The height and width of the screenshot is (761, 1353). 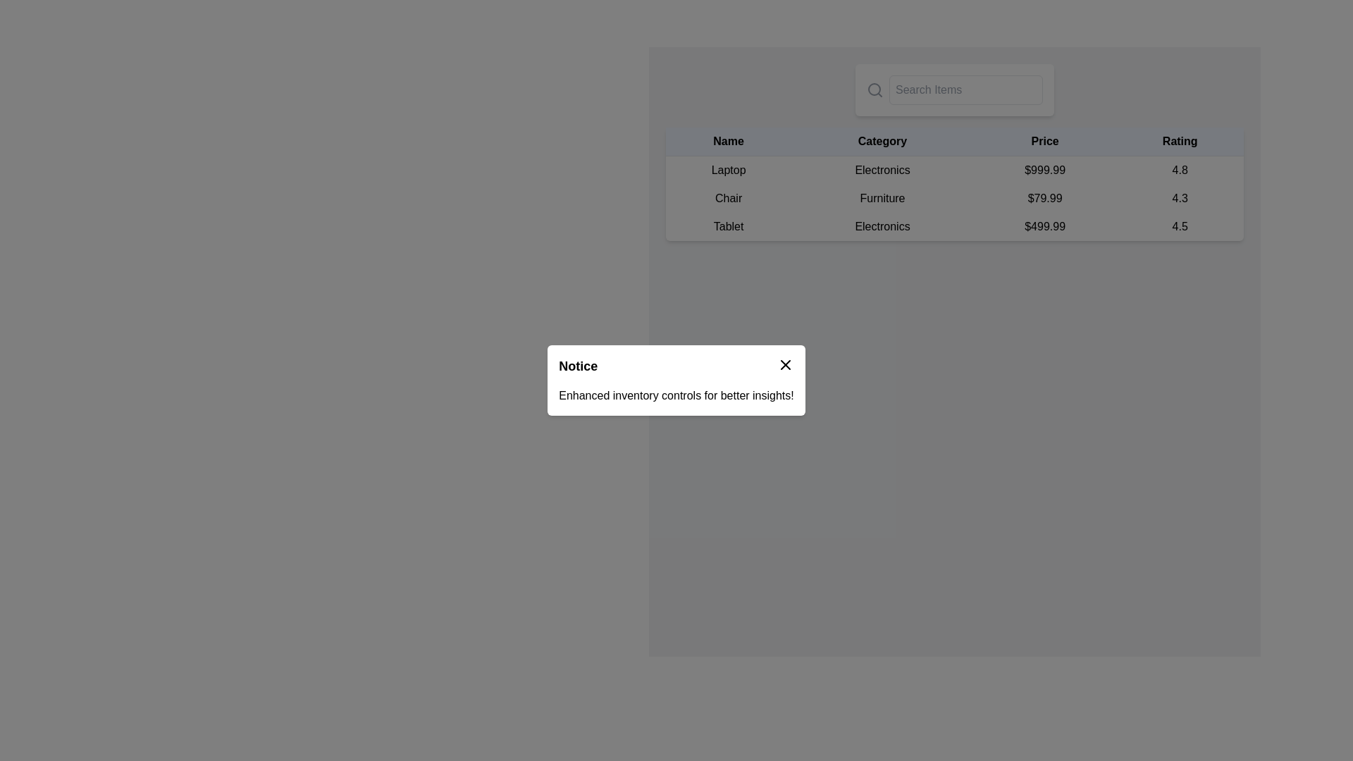 What do you see at coordinates (1045, 198) in the screenshot?
I see `the price label for the product 'Chair' in the second row of the table` at bounding box center [1045, 198].